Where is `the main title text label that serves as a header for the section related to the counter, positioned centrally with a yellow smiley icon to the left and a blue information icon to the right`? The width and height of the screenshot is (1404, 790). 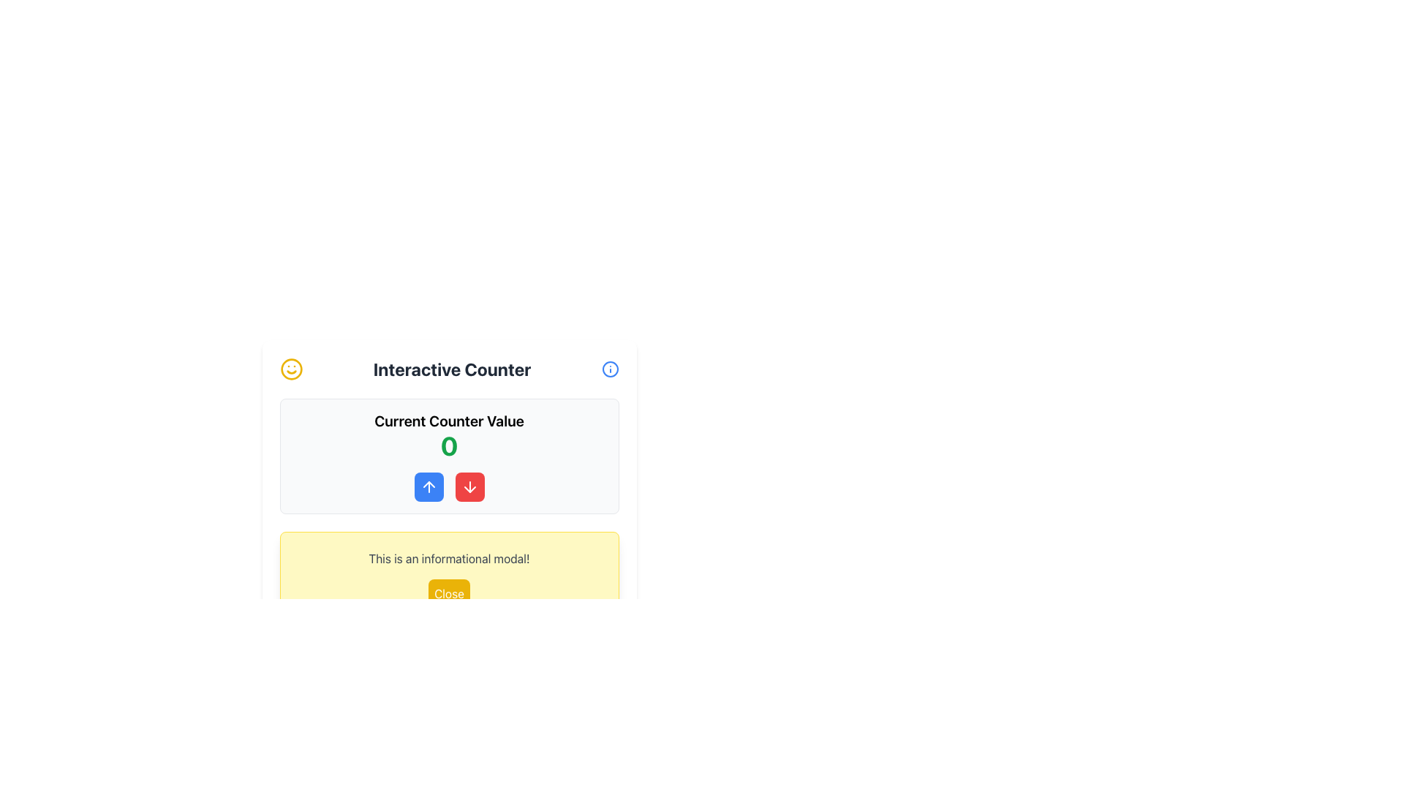
the main title text label that serves as a header for the section related to the counter, positioned centrally with a yellow smiley icon to the left and a blue information icon to the right is located at coordinates (451, 369).